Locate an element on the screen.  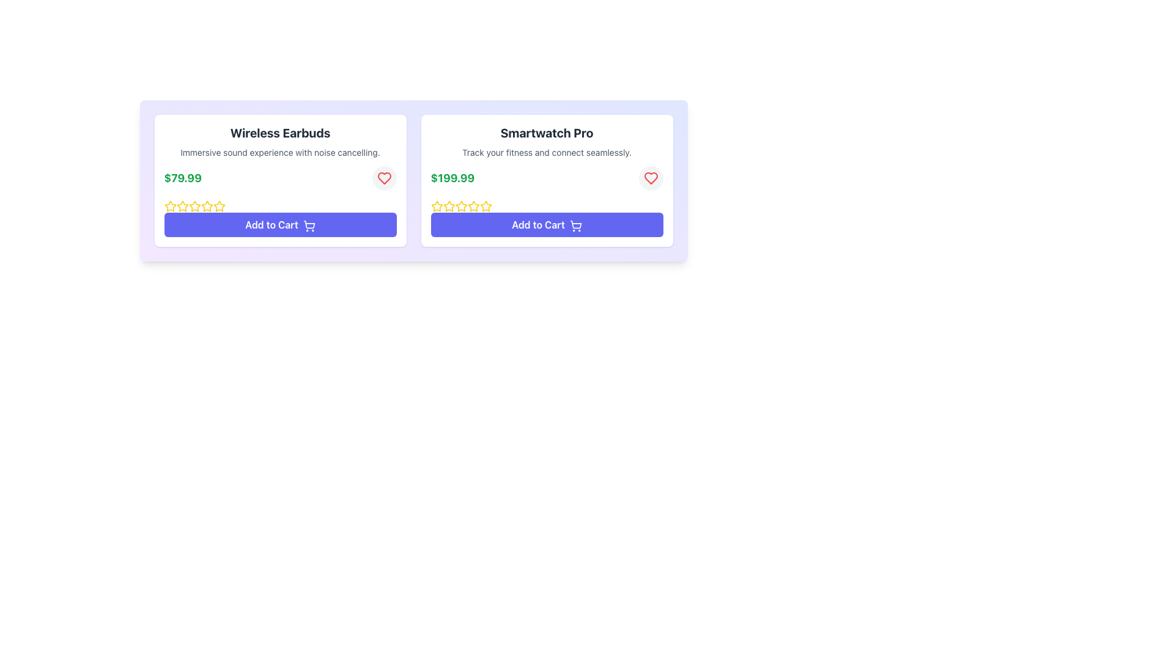
the fourth star icon representing the rating for the 'Wireless Earbuds' product, located below the price and above the 'Add to Cart' button is located at coordinates (194, 206).